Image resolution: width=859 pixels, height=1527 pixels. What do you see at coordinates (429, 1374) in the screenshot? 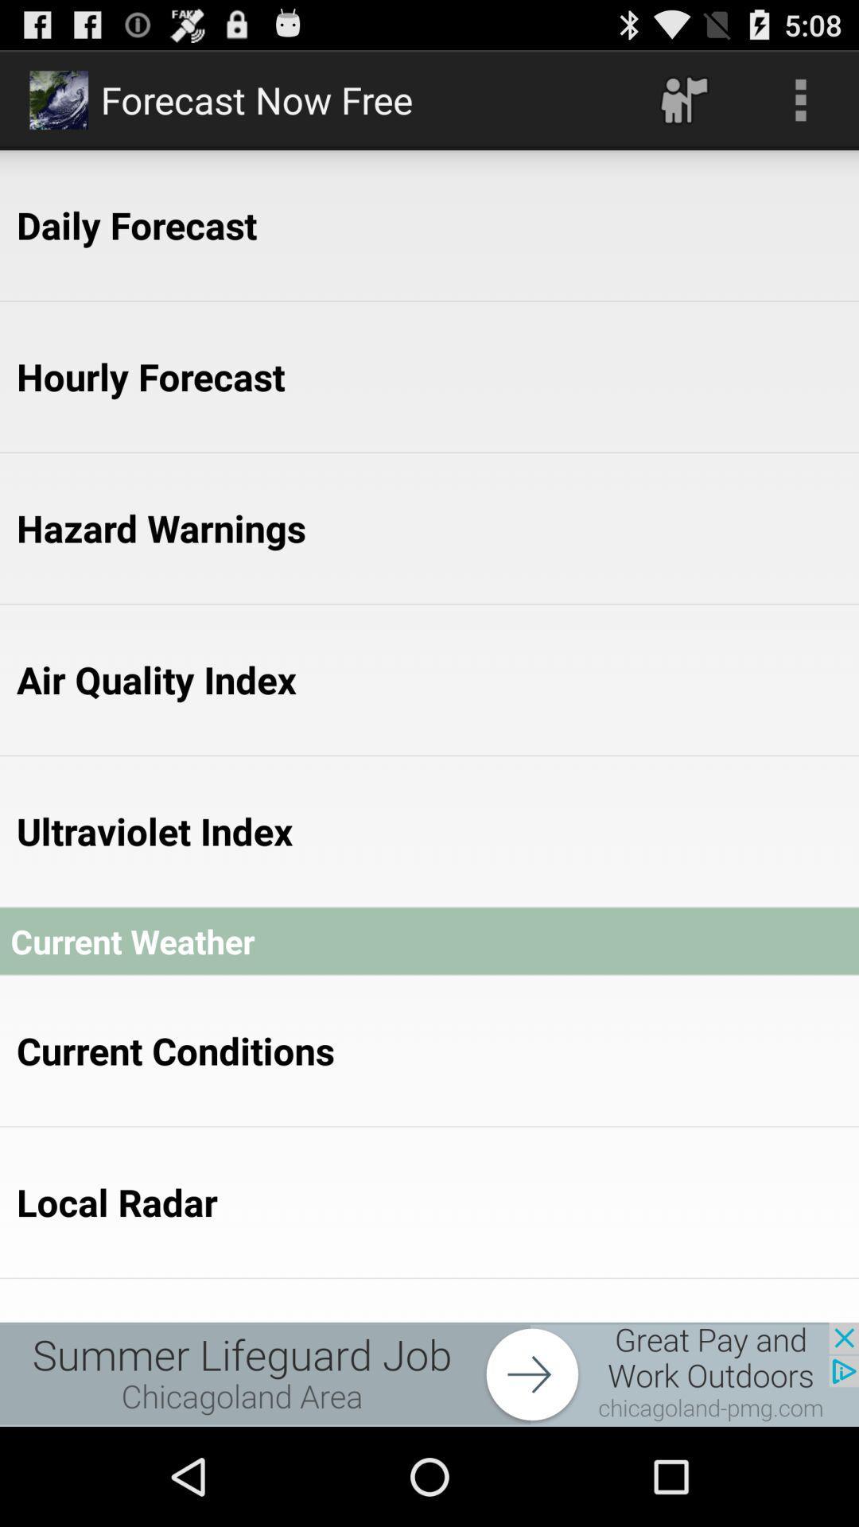
I see `open page` at bounding box center [429, 1374].